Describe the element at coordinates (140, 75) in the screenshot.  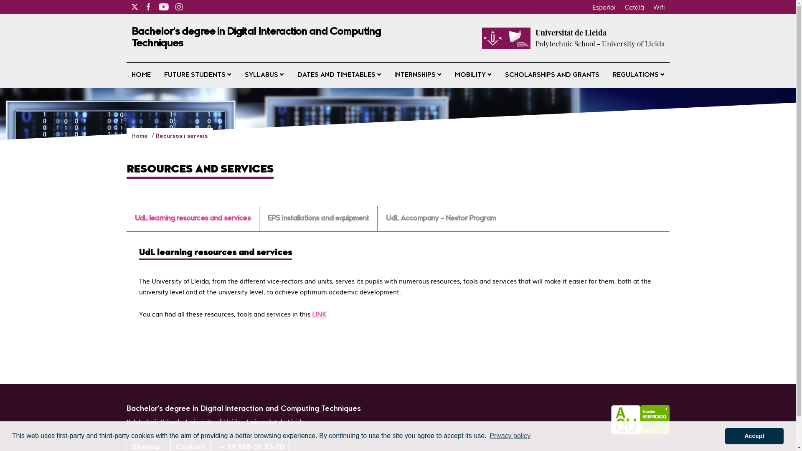
I see `'HOME'` at that location.